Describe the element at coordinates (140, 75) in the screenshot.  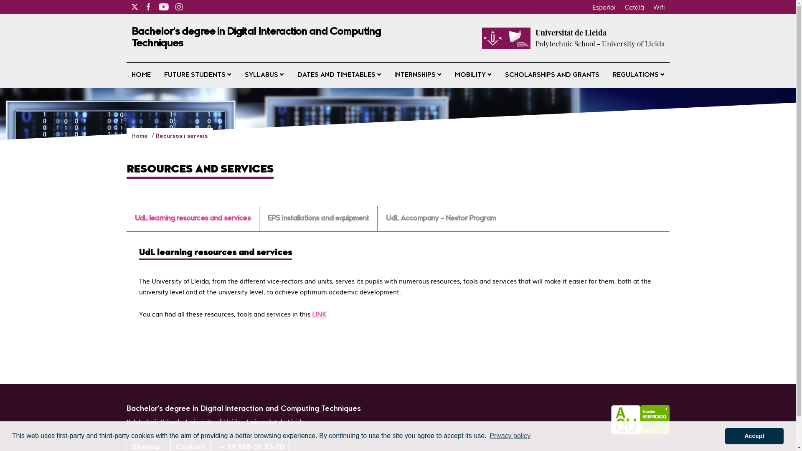
I see `'HOME'` at that location.